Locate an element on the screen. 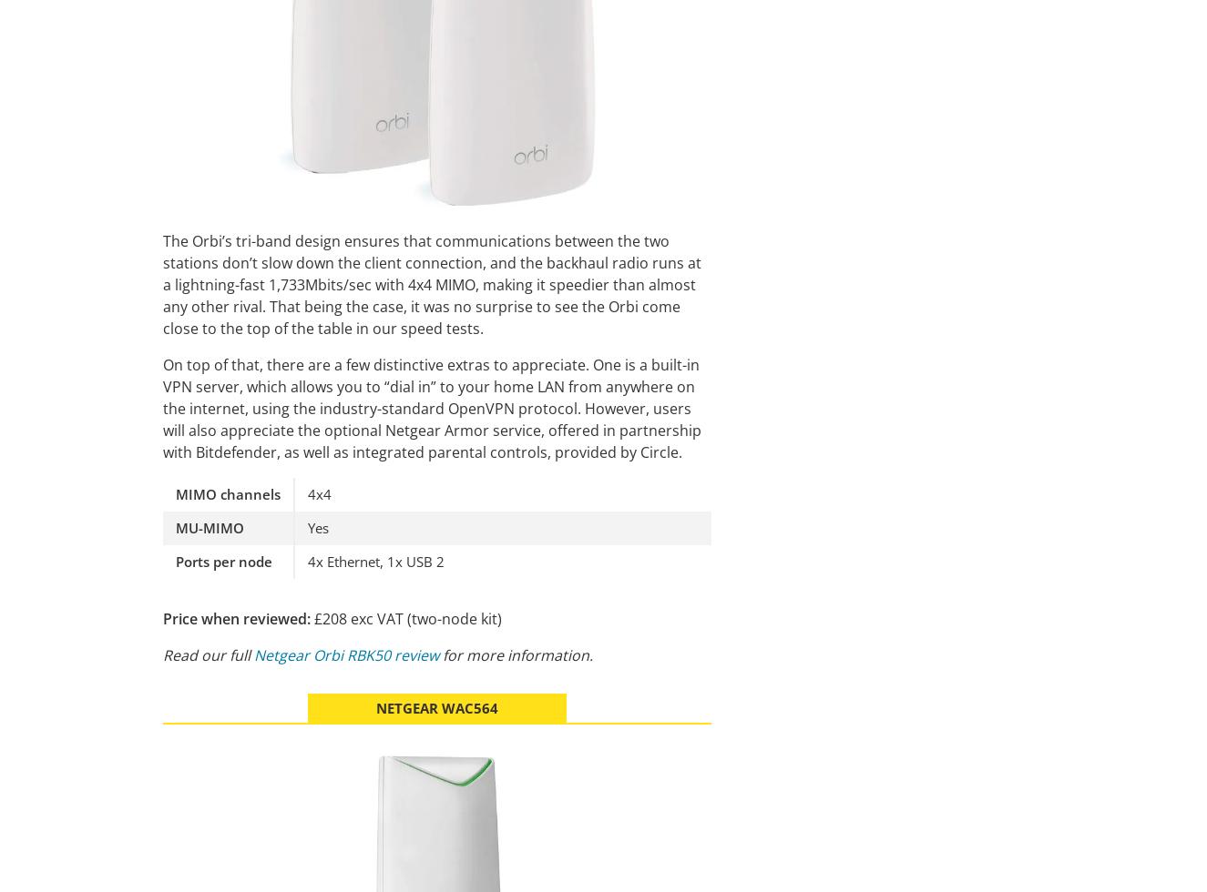 The height and width of the screenshot is (892, 1207). 'Netgear Orbi RBK50 review' is located at coordinates (346, 654).